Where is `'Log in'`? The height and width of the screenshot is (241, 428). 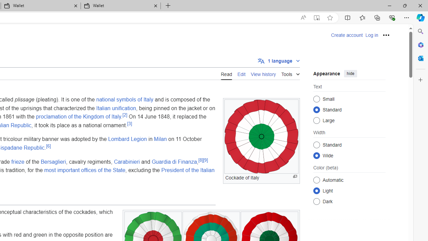
'Log in' is located at coordinates (371, 35).